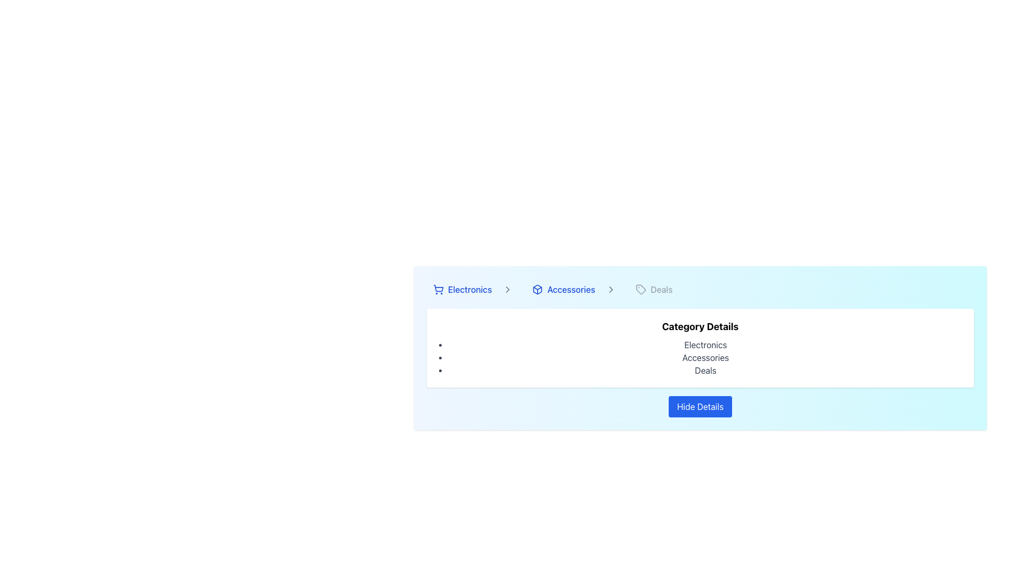  I want to click on the shopping cart icon's basket portion in the breadcrumb navigation bar to trigger the tooltip, so click(439, 288).